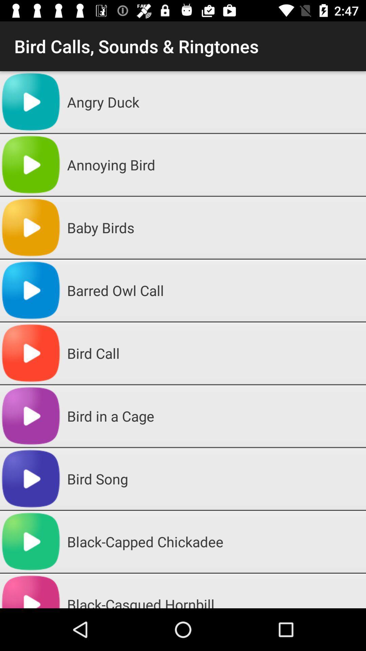  Describe the element at coordinates (214, 228) in the screenshot. I see `the baby birds item` at that location.